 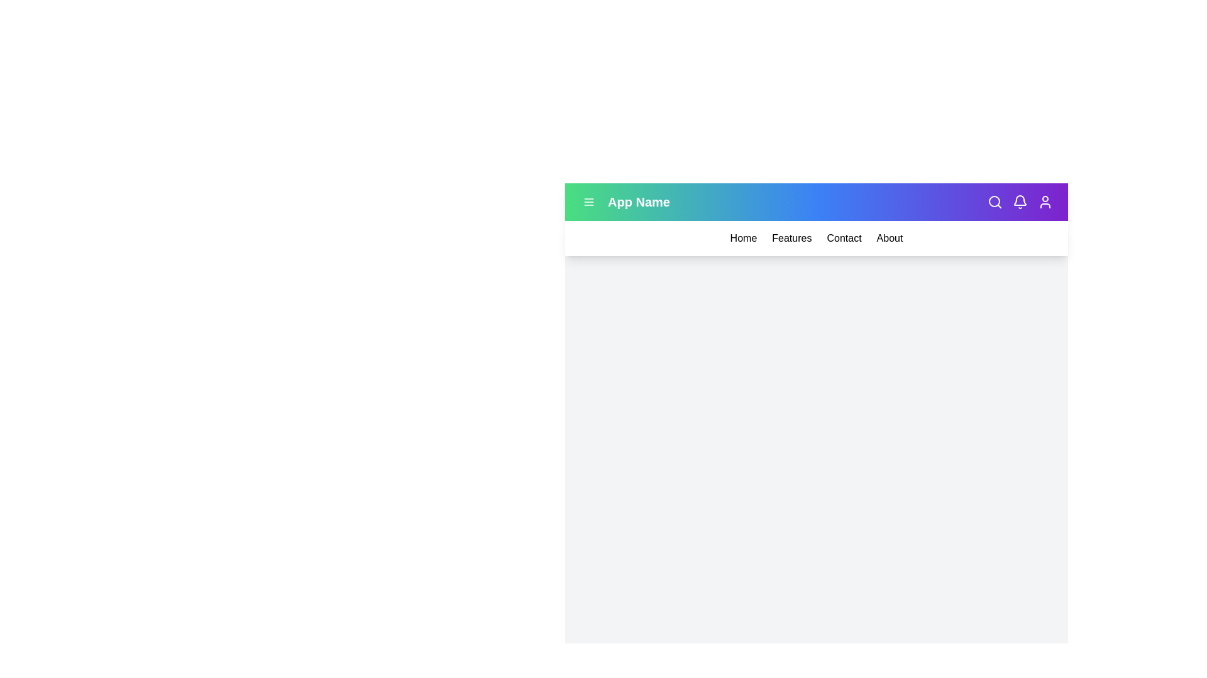 What do you see at coordinates (844, 239) in the screenshot?
I see `the 'Contact' link in the navigation bar` at bounding box center [844, 239].